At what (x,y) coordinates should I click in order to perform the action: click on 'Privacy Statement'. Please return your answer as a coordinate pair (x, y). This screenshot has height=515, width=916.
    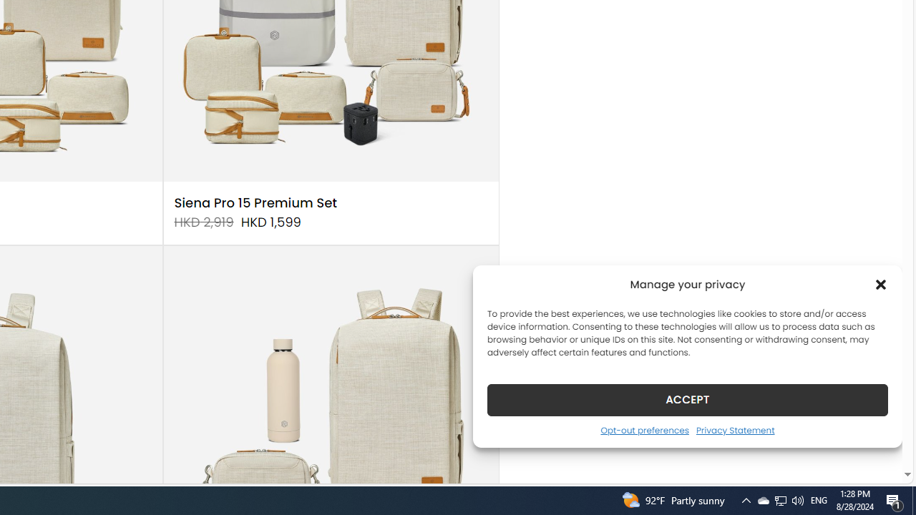
    Looking at the image, I should click on (735, 429).